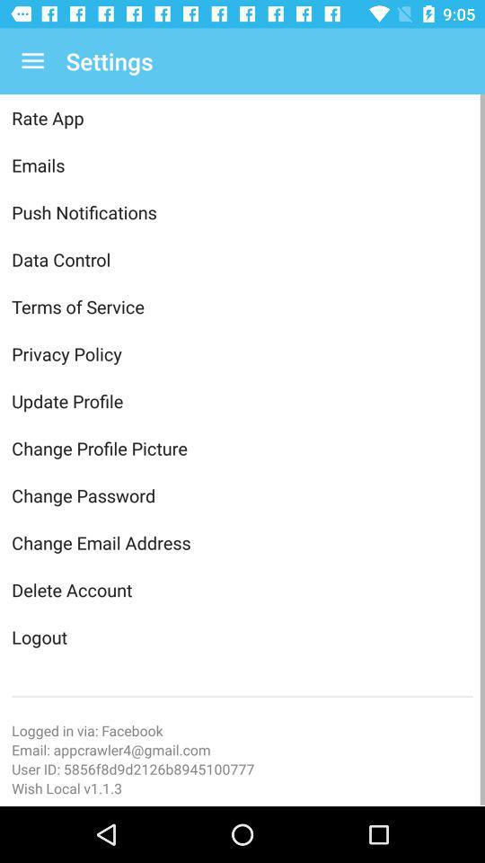 The image size is (485, 863). I want to click on the item below data control icon, so click(242, 307).